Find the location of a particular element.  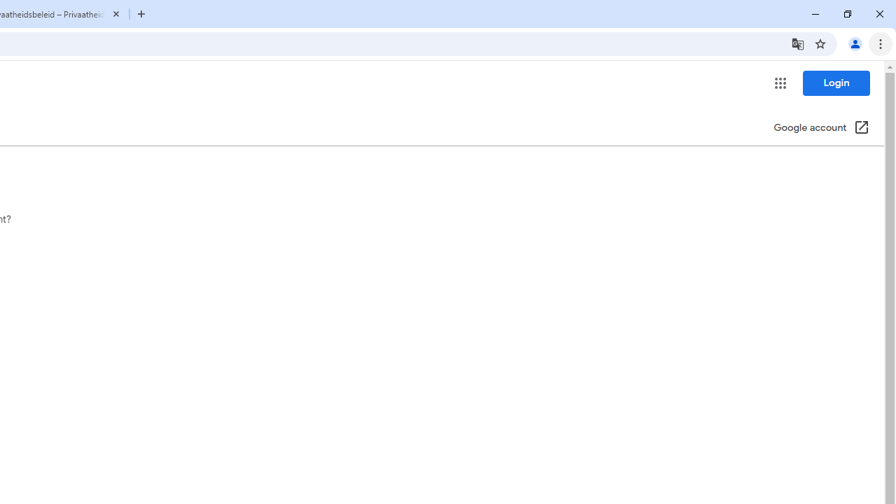

'Translate this page' is located at coordinates (797, 43).